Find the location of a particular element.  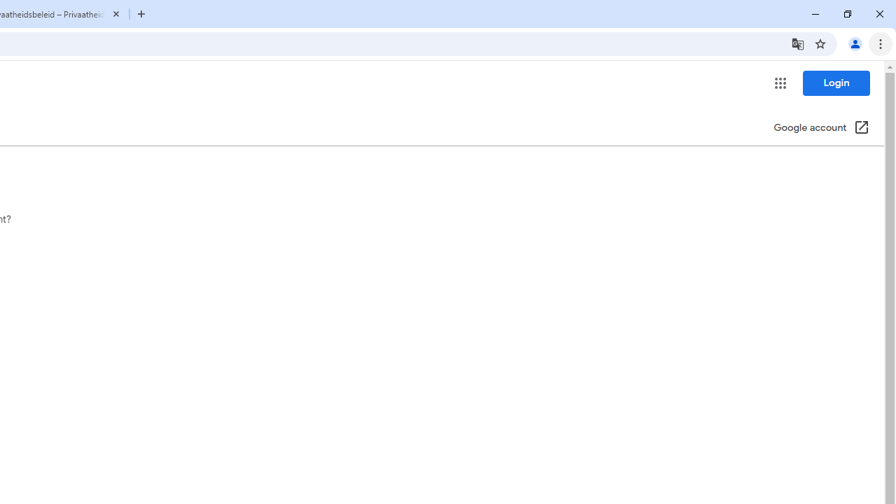

'Translate this page' is located at coordinates (797, 43).